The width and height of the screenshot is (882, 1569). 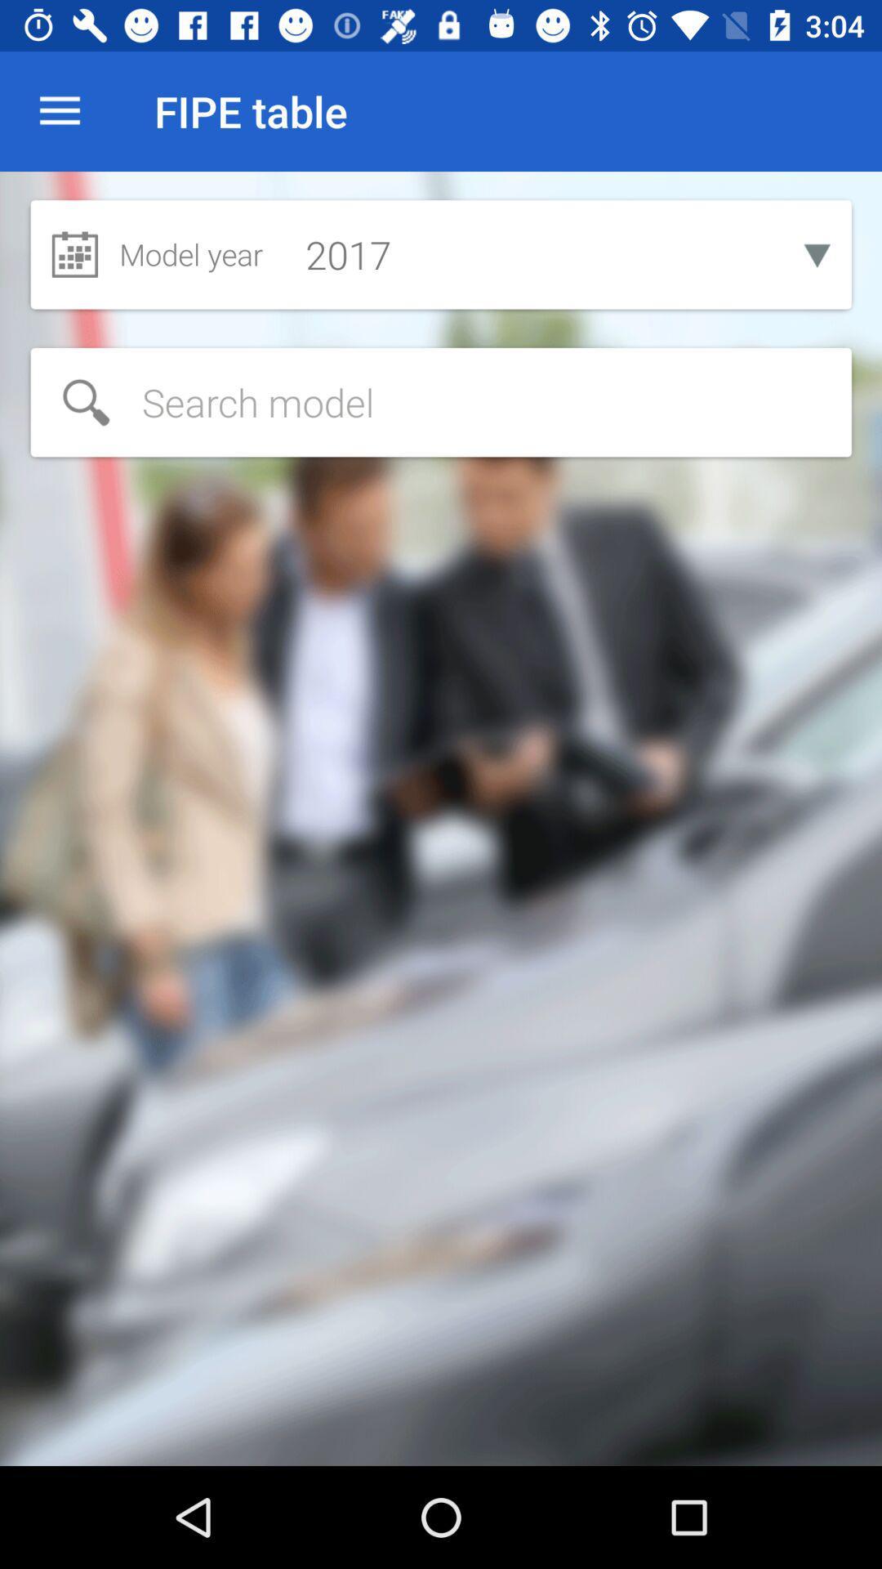 I want to click on to search something, so click(x=441, y=402).